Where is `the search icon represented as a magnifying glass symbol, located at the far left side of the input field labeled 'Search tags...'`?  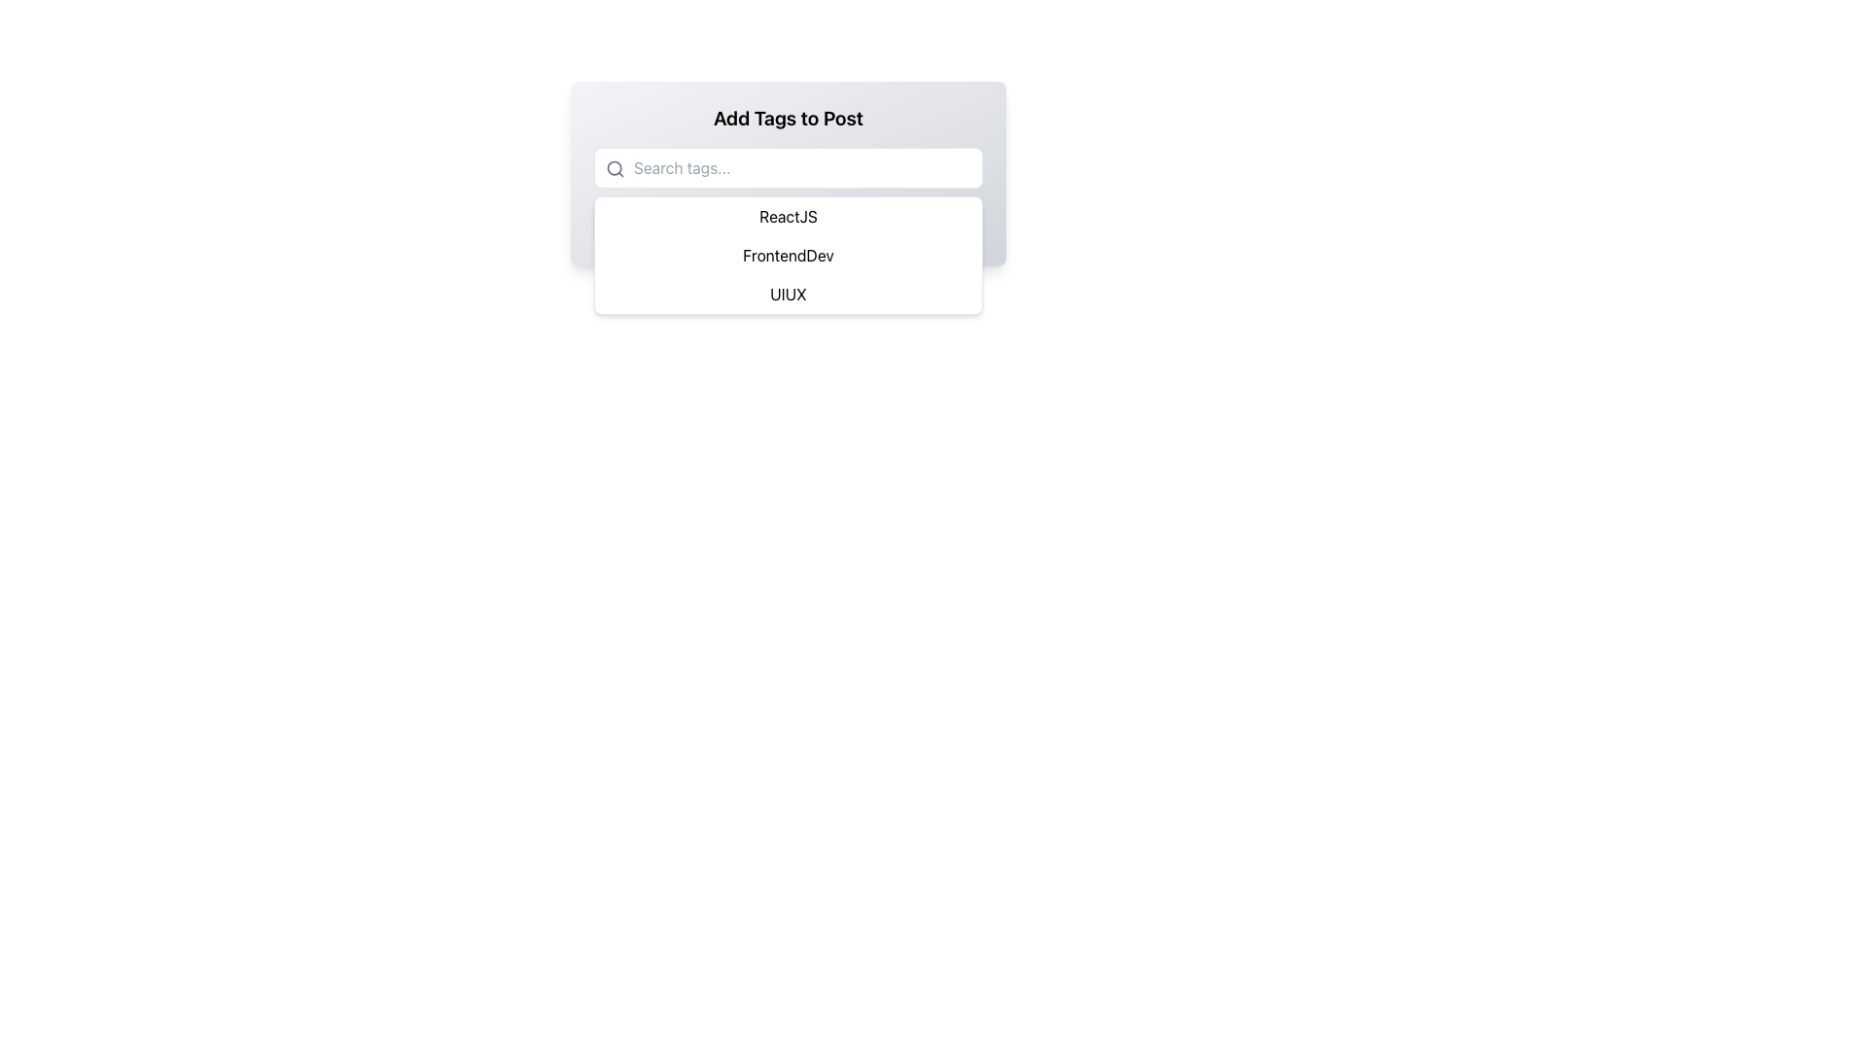
the search icon represented as a magnifying glass symbol, located at the far left side of the input field labeled 'Search tags...' is located at coordinates (615, 167).